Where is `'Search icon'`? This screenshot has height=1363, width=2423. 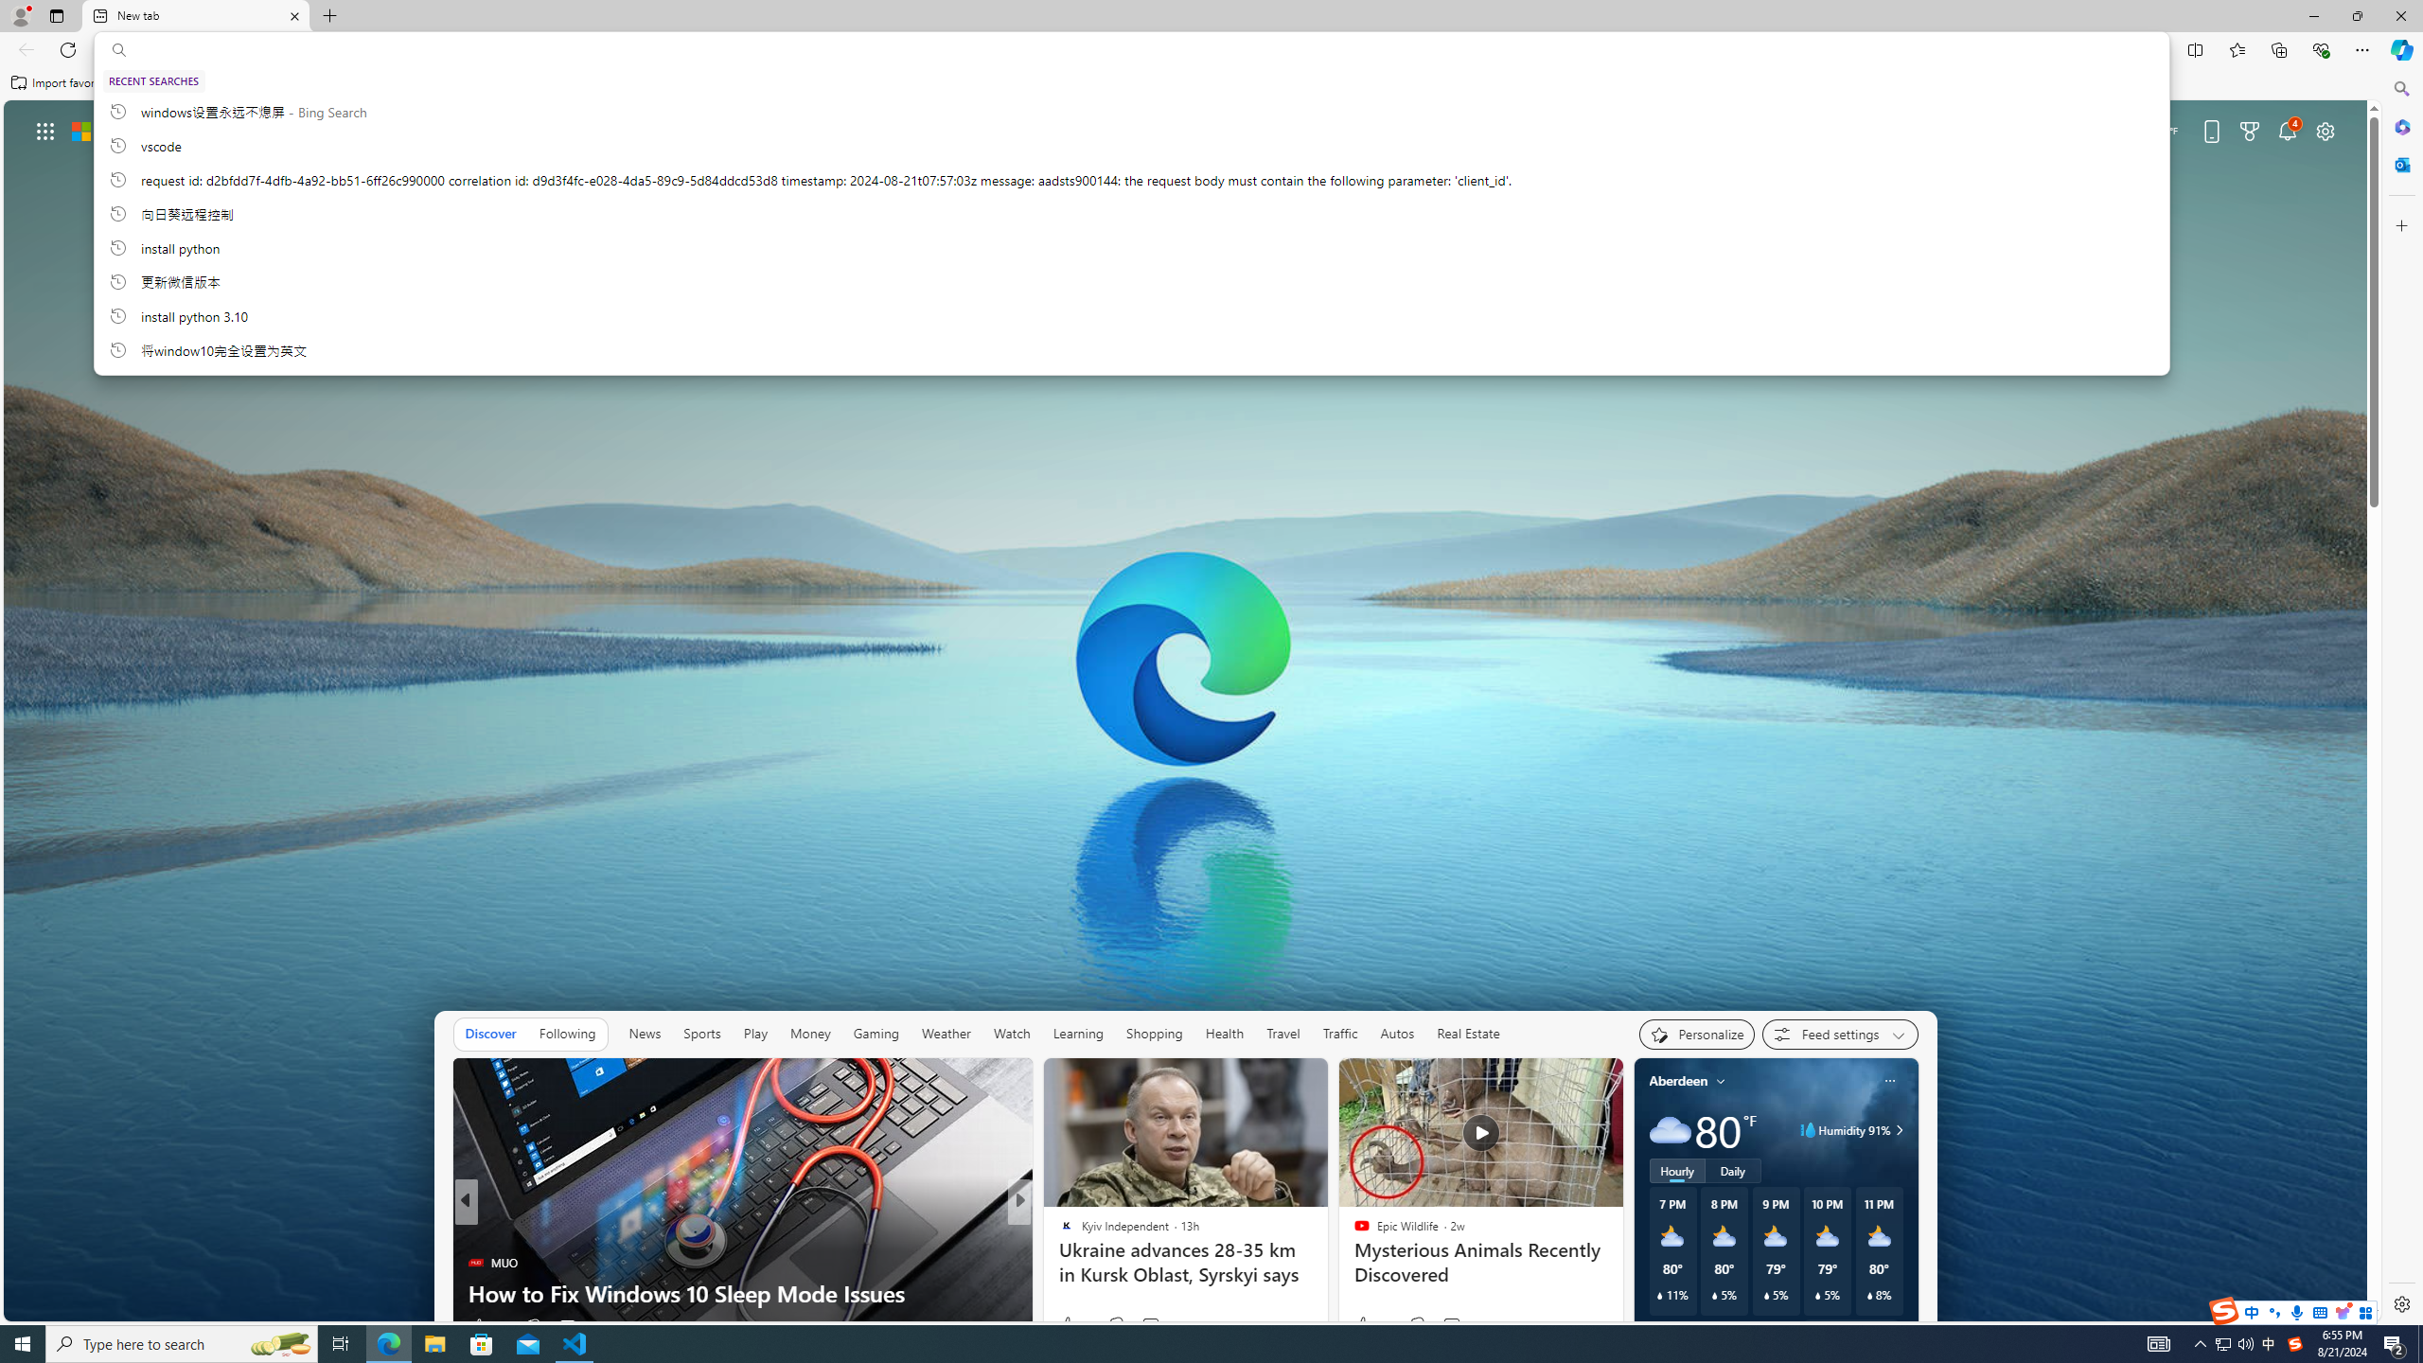
'Search icon' is located at coordinates (118, 50).